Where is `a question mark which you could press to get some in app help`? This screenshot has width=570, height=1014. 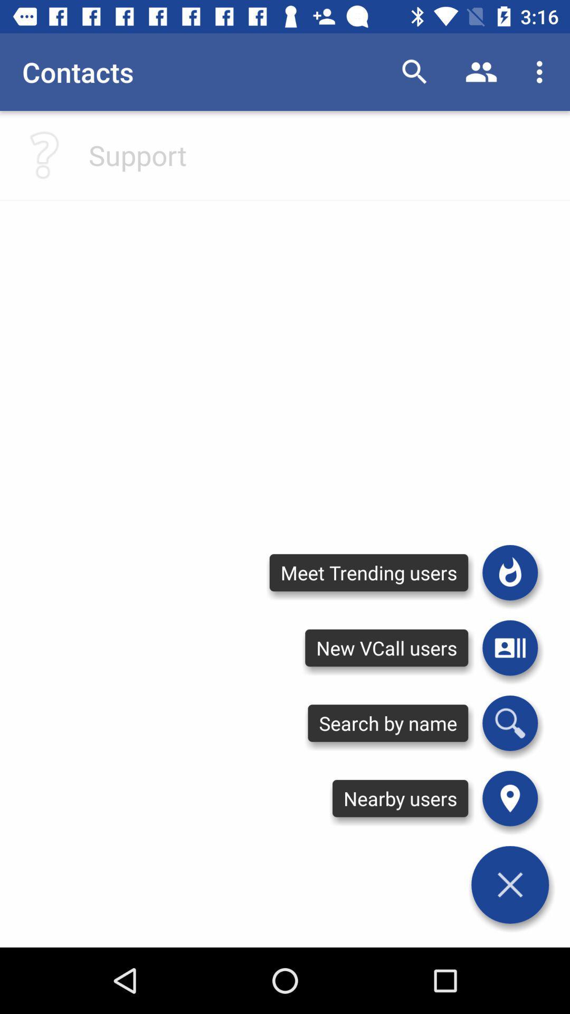
a question mark which you could press to get some in app help is located at coordinates (44, 154).